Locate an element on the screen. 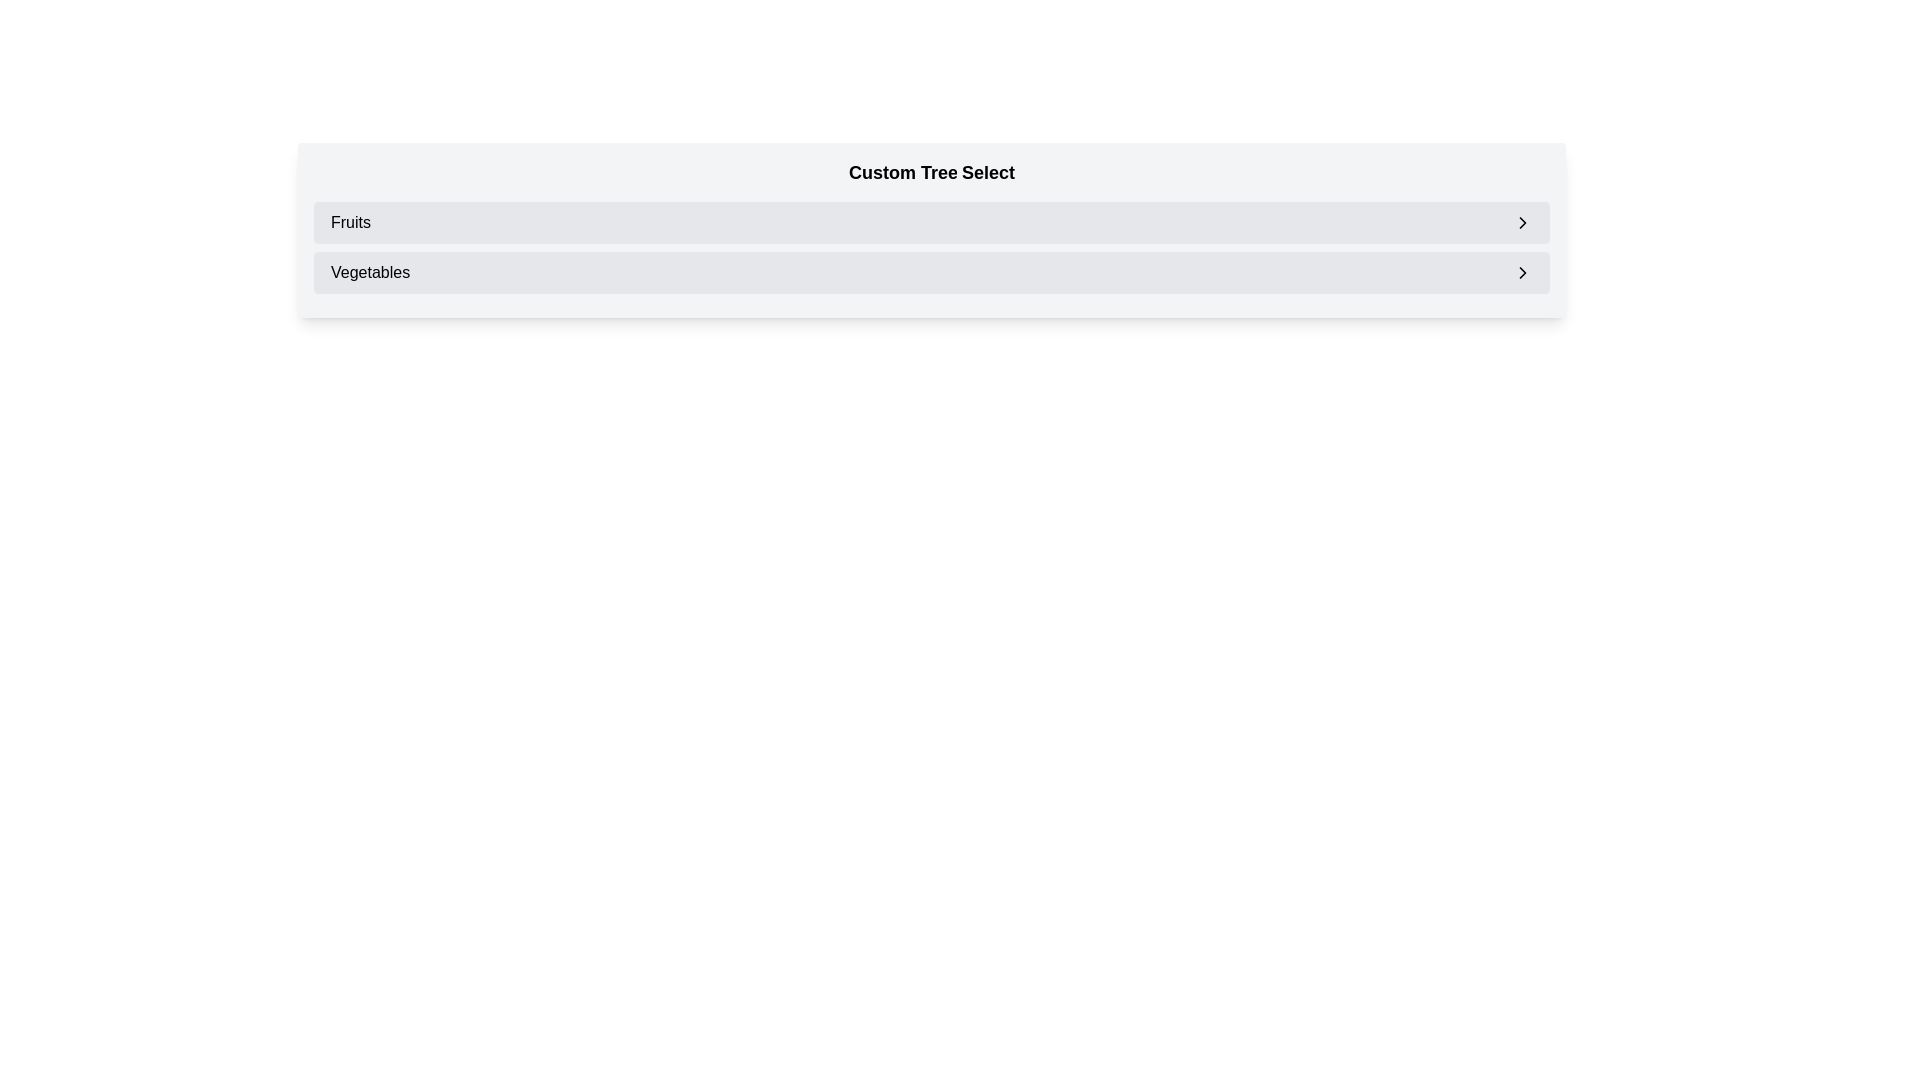 The width and height of the screenshot is (1915, 1077). the list item labeled 'Vegetables' with a light gray background to trigger the tooltip or visual feedback is located at coordinates (931, 272).